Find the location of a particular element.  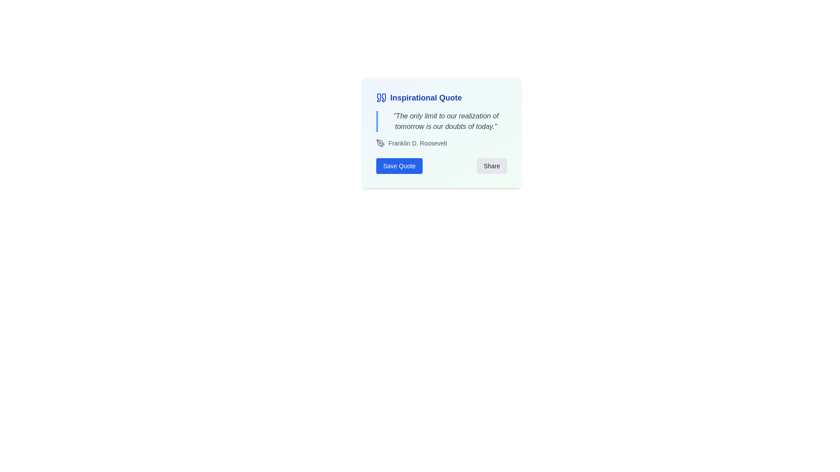

the static text label indicating the author of the quoted text, located to the right of an icon in the bottom-left area of the card is located at coordinates (417, 142).